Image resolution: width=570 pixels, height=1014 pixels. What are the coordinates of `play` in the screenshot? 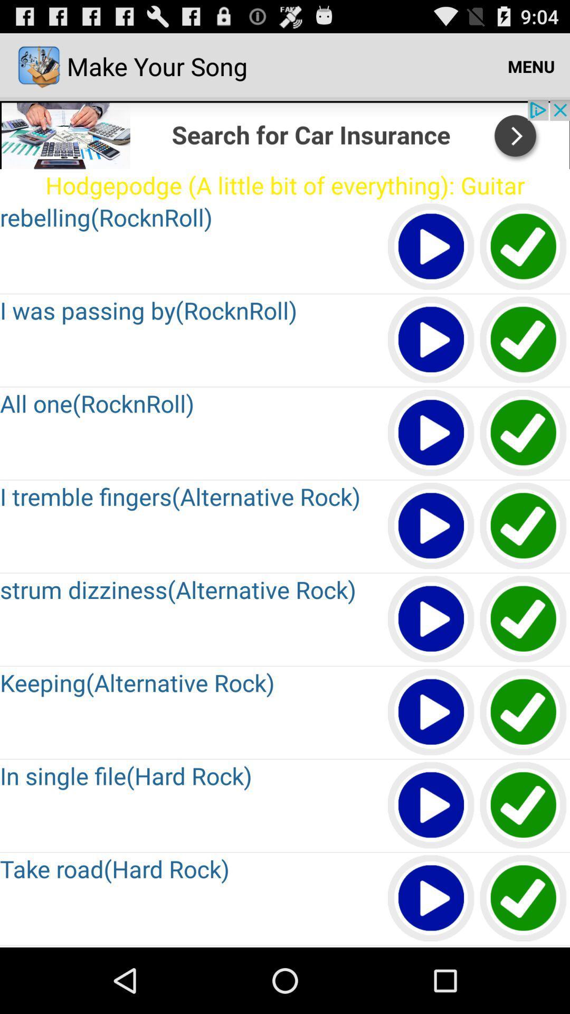 It's located at (431, 340).